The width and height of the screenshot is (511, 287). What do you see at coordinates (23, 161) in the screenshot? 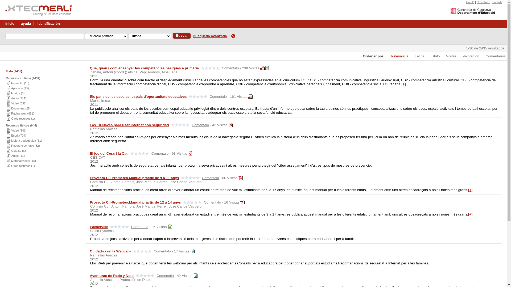
I see `'Material visual (15)'` at bounding box center [23, 161].